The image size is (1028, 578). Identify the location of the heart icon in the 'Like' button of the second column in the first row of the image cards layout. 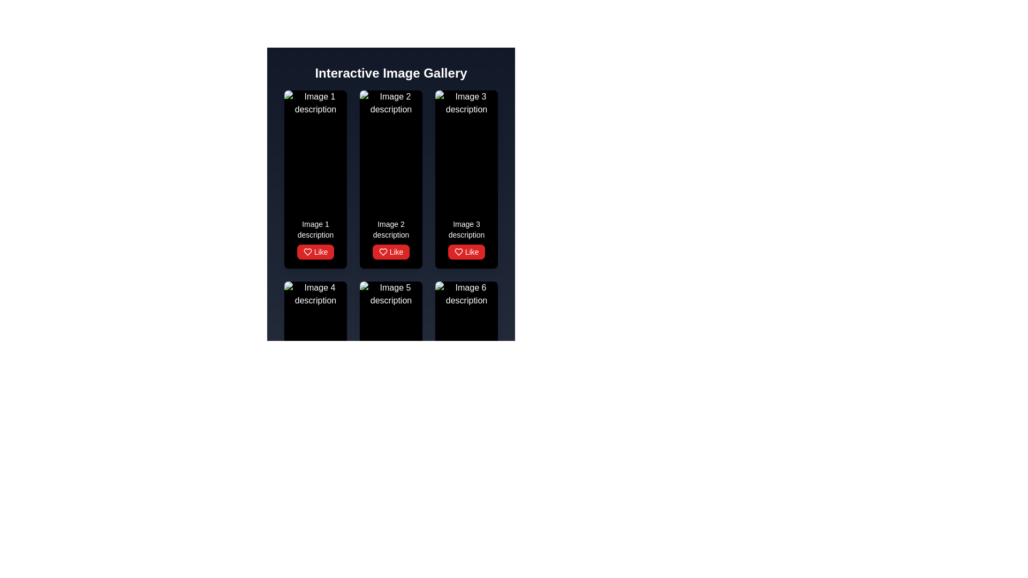
(383, 252).